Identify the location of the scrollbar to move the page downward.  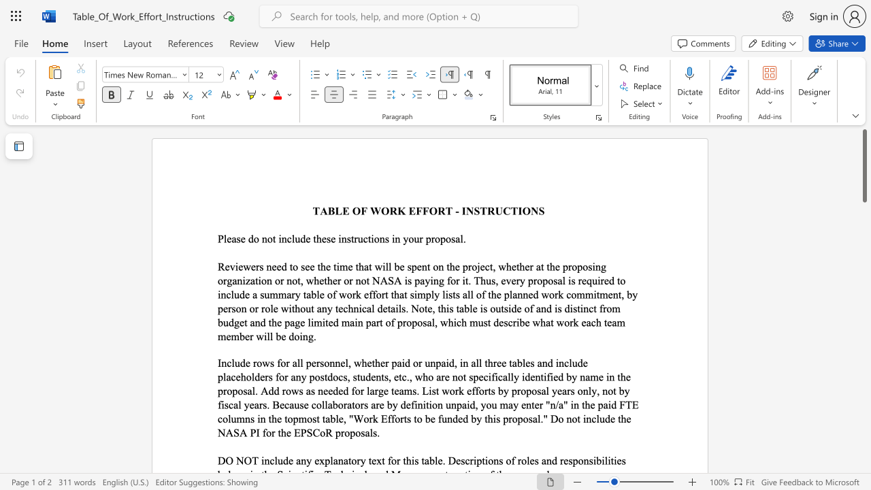
(864, 278).